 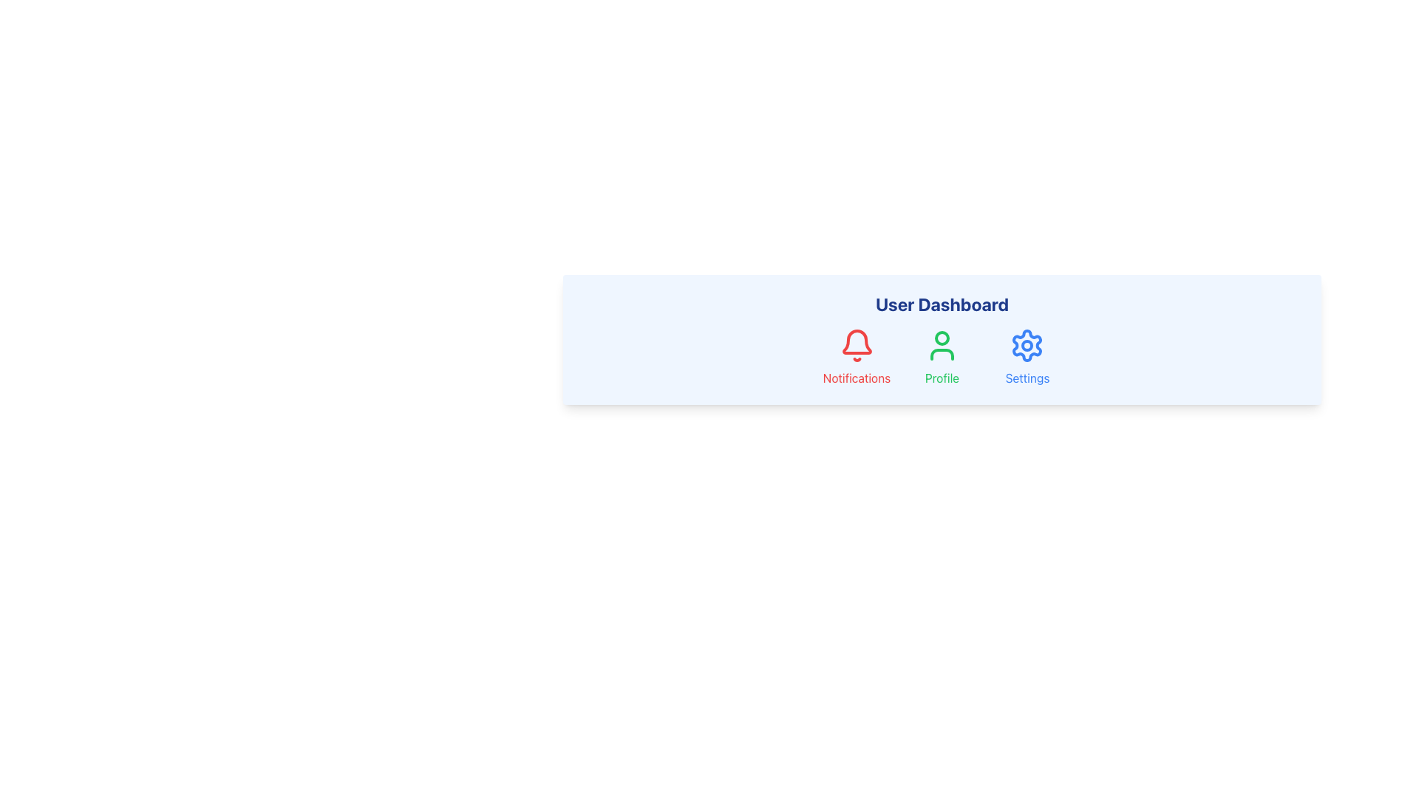 What do you see at coordinates (1027, 357) in the screenshot?
I see `the blue gear icon labeled 'Settings' located in the top-right corner of the row for keyboard interaction` at bounding box center [1027, 357].